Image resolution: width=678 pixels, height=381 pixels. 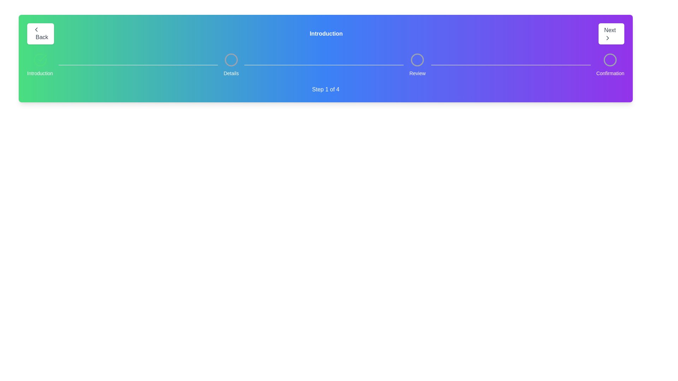 I want to click on the 'Introduction' step-indicator item in the navigation bar, so click(x=40, y=65).